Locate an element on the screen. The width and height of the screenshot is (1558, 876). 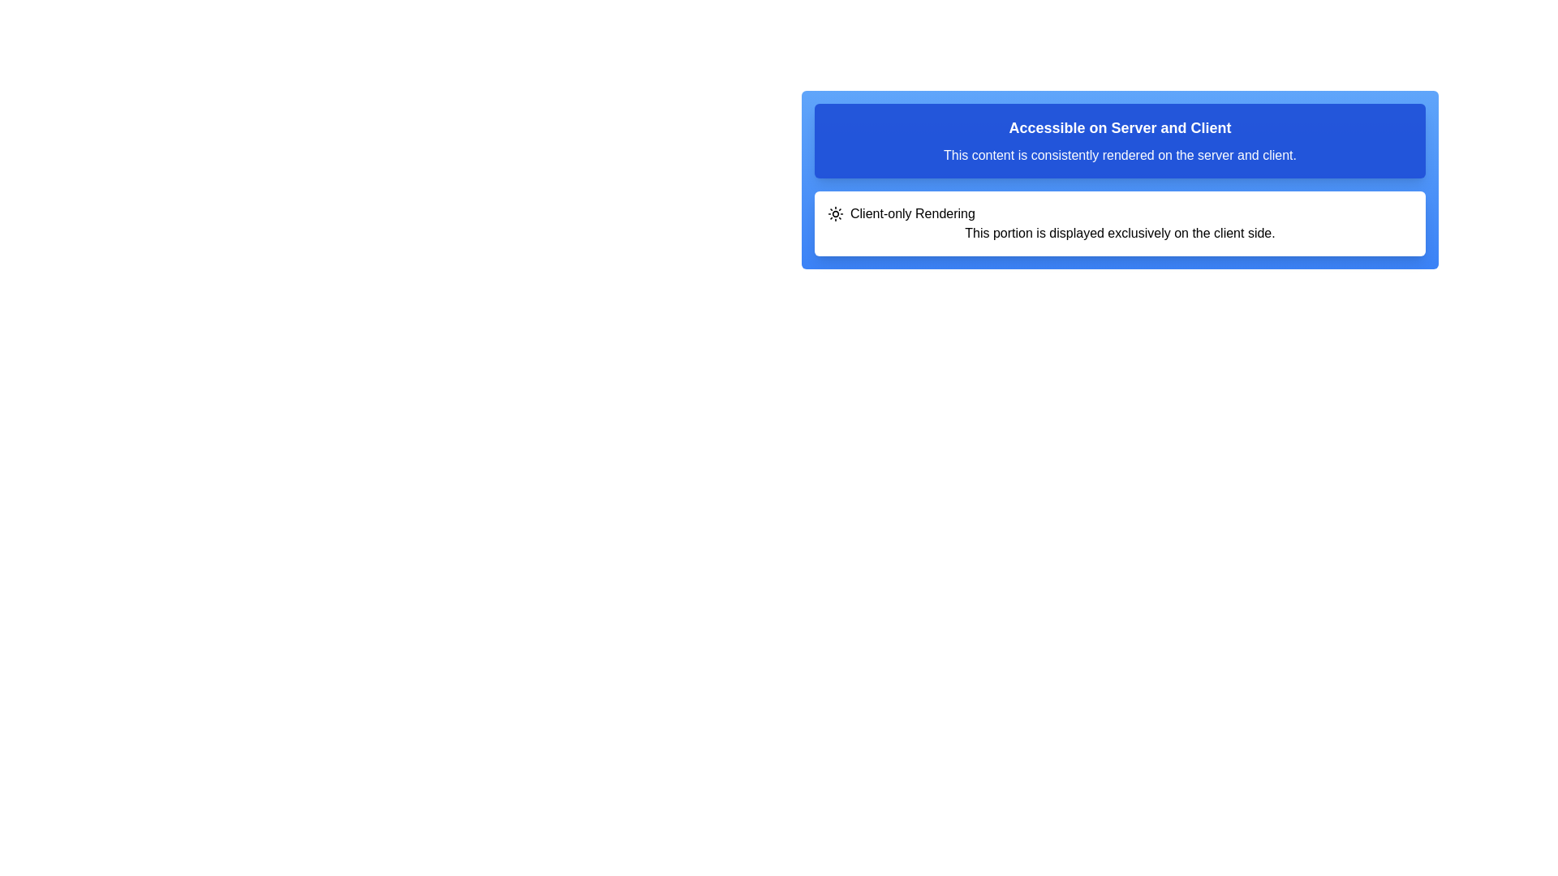
the text element stating 'This portion is displayed exclusively on the client side.' which is positioned beneath the heading 'Client-only Rendering.' is located at coordinates (1119, 234).